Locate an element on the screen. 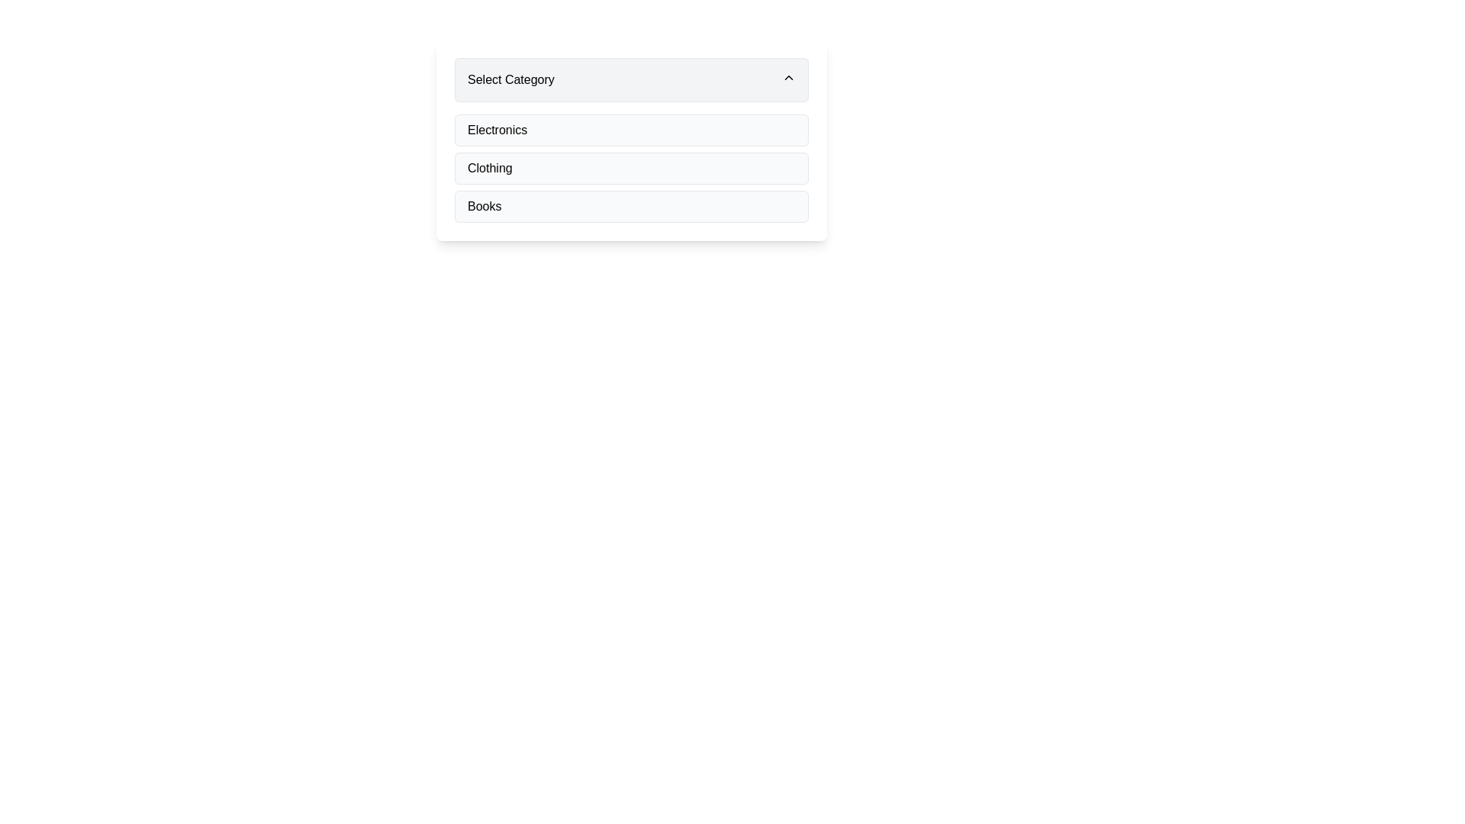  the Chevron-Up symbol icon located at the far right side of the dropdown header labeled 'Select Category' to check if it highlights, indicating interactivity is located at coordinates (788, 77).